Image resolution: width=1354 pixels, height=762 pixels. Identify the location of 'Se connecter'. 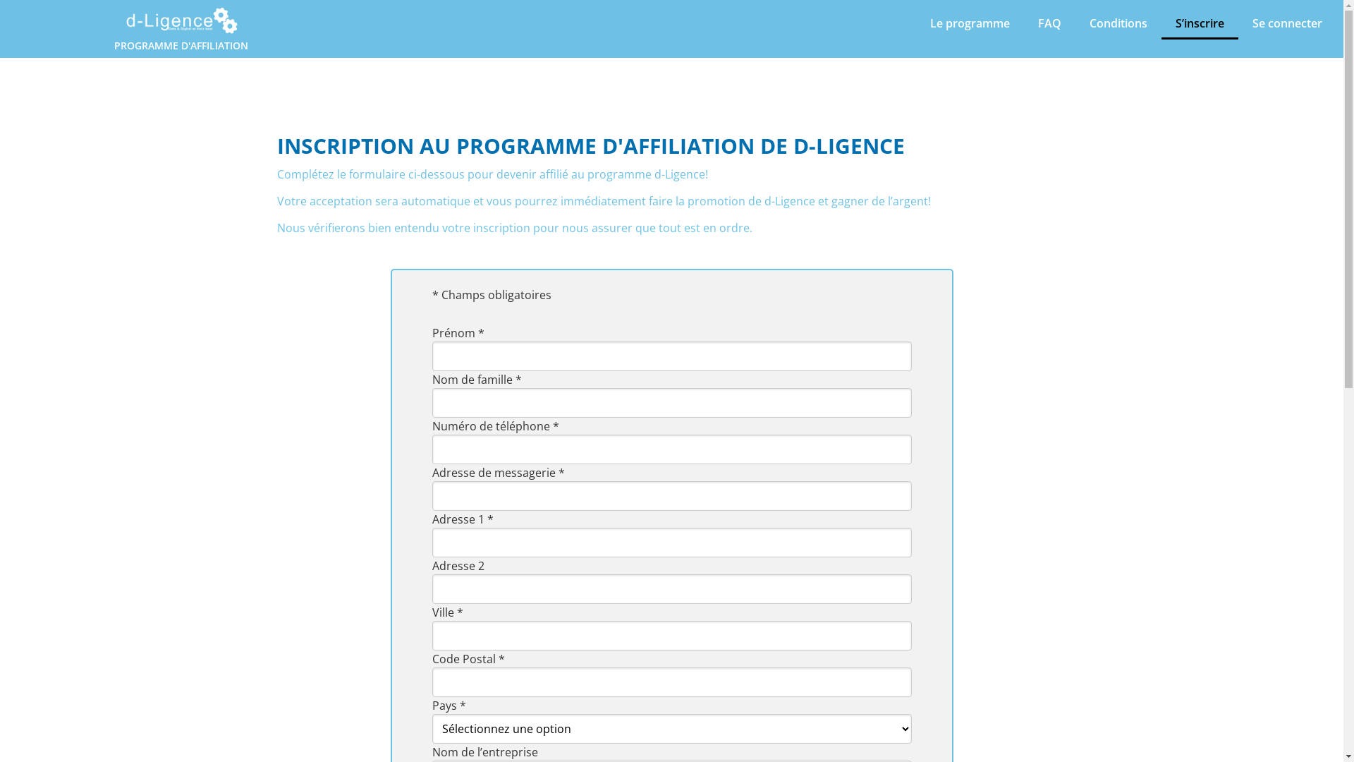
(1287, 23).